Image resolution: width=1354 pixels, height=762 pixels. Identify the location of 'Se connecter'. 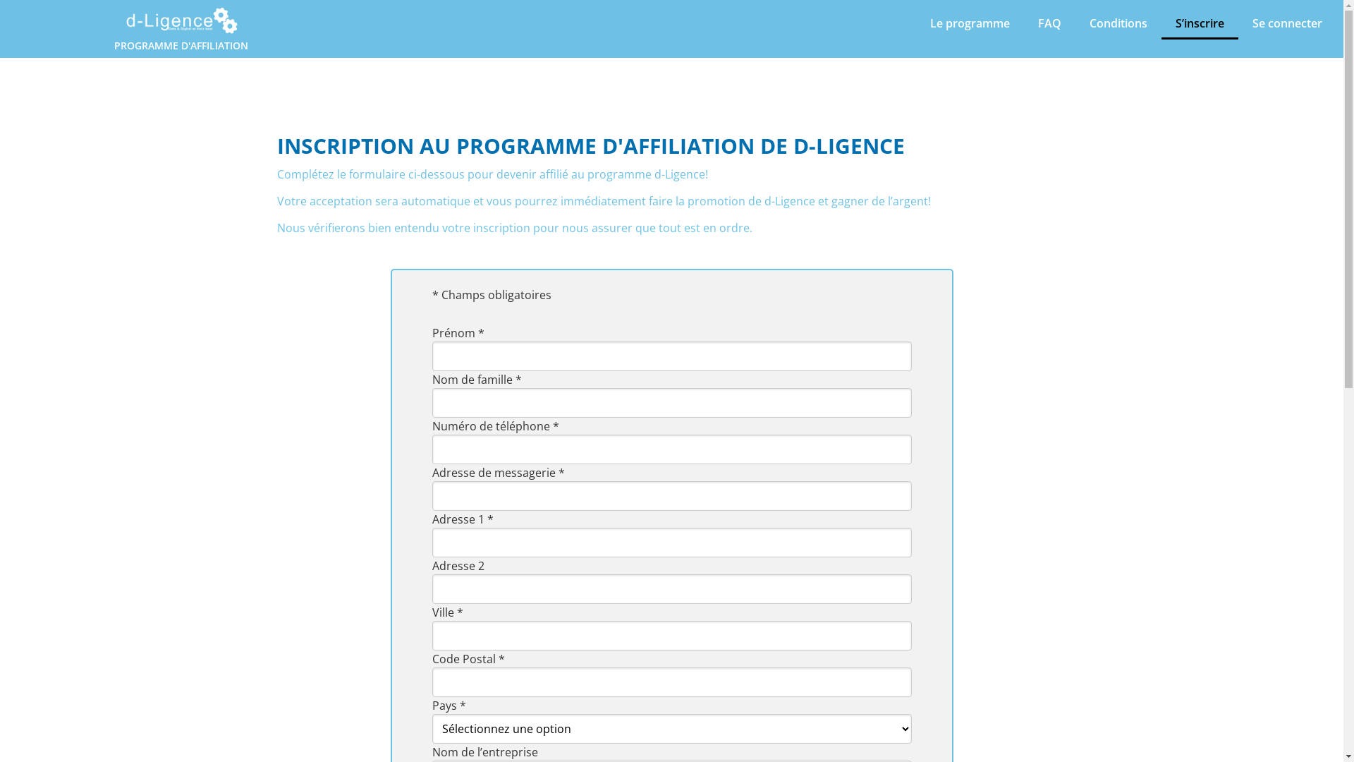
(1287, 23).